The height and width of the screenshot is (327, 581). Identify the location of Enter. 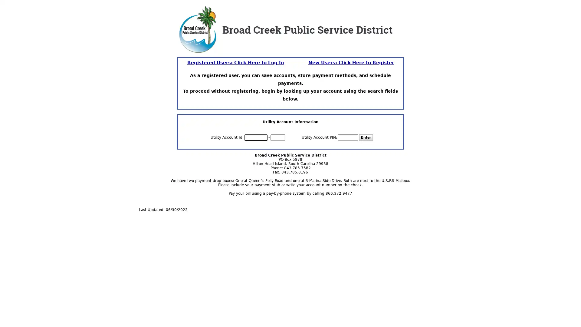
(366, 137).